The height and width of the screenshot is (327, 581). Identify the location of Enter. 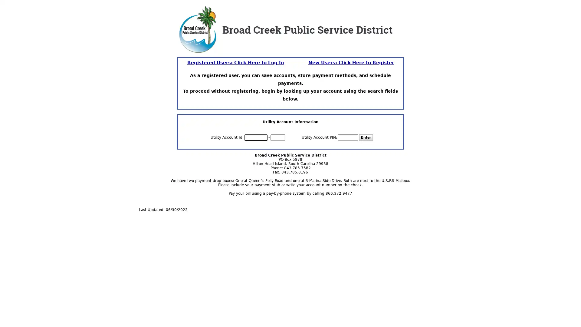
(366, 137).